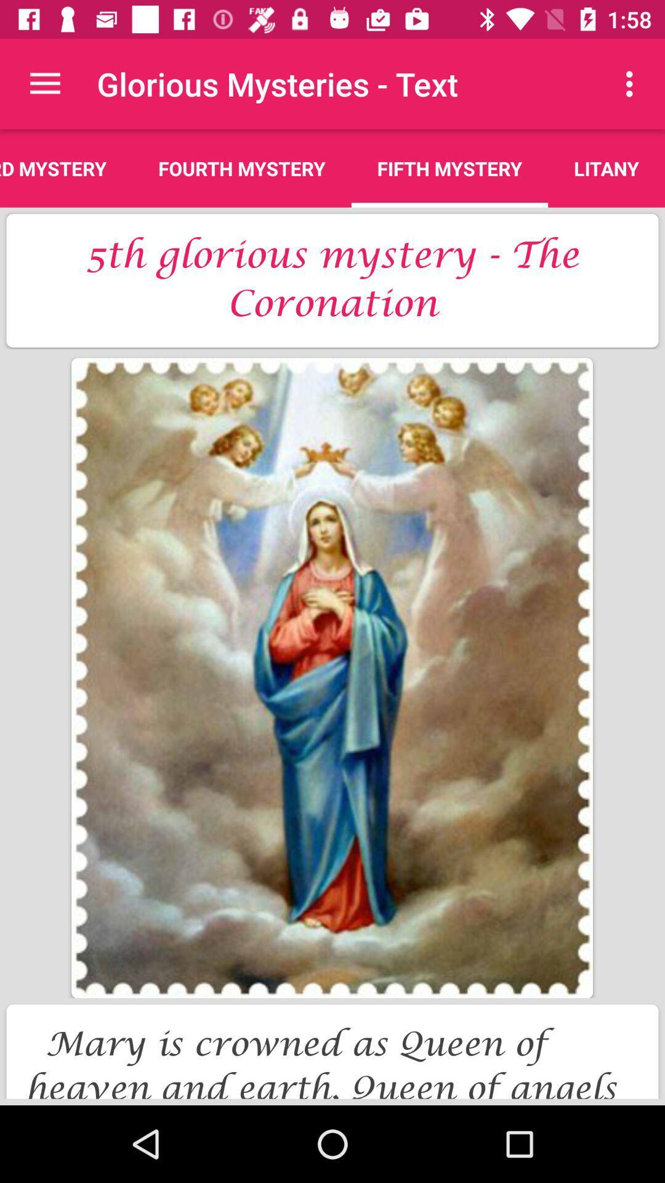 The width and height of the screenshot is (665, 1183). What do you see at coordinates (331, 677) in the screenshot?
I see `the icon at the center` at bounding box center [331, 677].